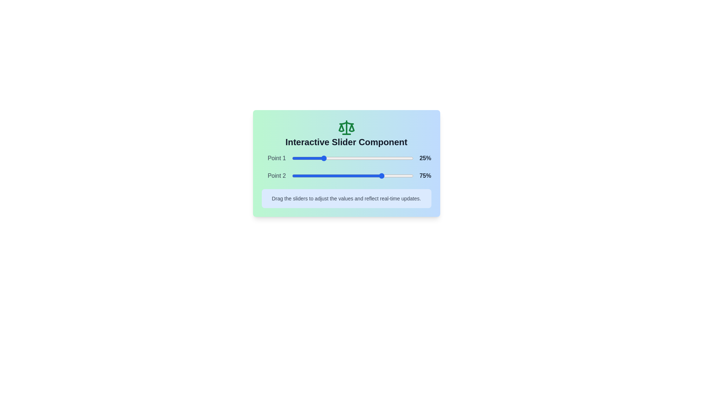  Describe the element at coordinates (317, 158) in the screenshot. I see `the slider to set its value to 21%` at that location.